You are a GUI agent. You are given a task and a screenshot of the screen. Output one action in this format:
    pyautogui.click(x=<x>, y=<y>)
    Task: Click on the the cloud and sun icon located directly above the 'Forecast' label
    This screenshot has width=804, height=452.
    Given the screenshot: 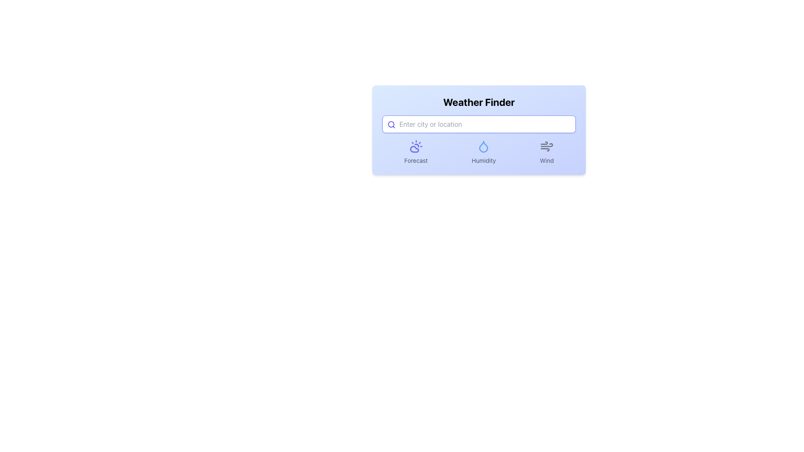 What is the action you would take?
    pyautogui.click(x=416, y=146)
    